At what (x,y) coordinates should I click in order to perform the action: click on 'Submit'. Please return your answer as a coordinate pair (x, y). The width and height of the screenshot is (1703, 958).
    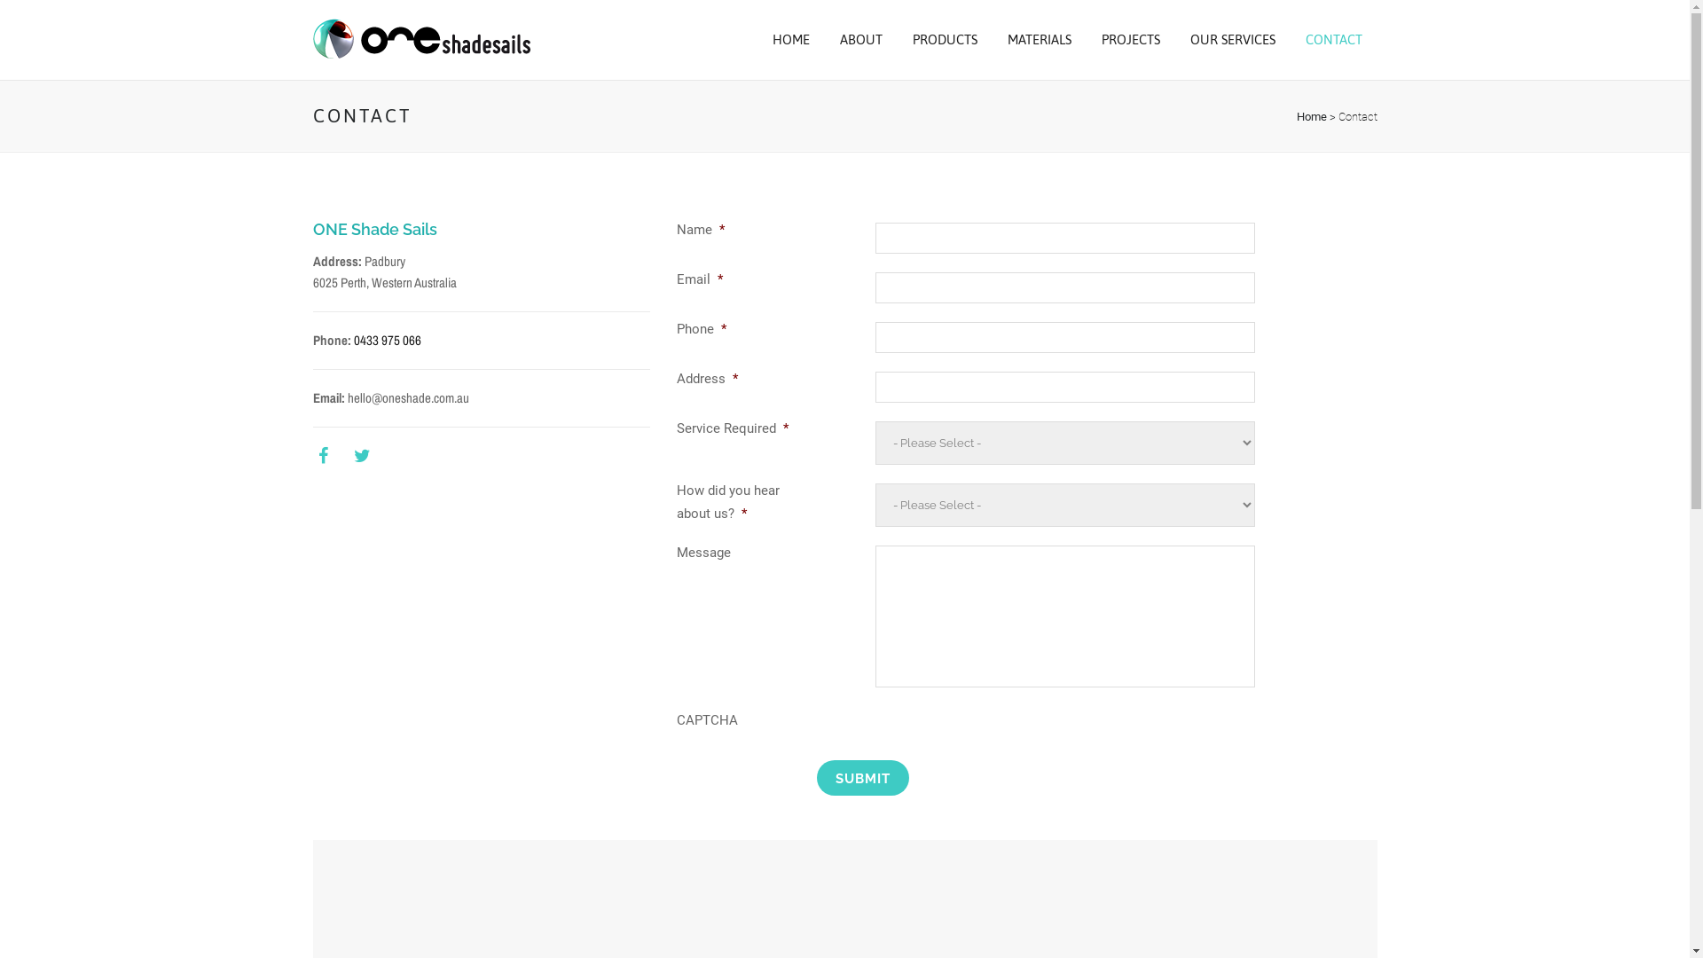
    Looking at the image, I should click on (861, 776).